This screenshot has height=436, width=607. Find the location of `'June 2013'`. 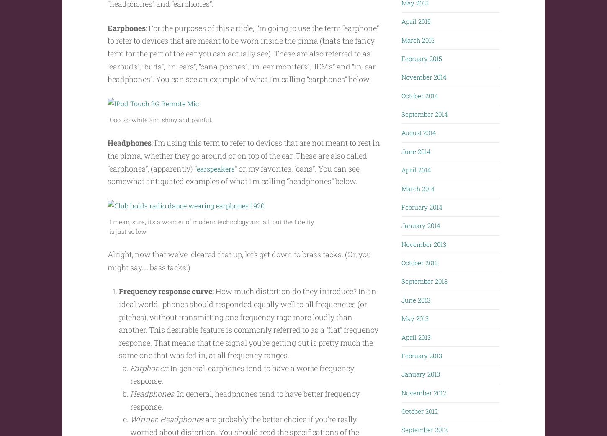

'June 2013' is located at coordinates (401, 297).